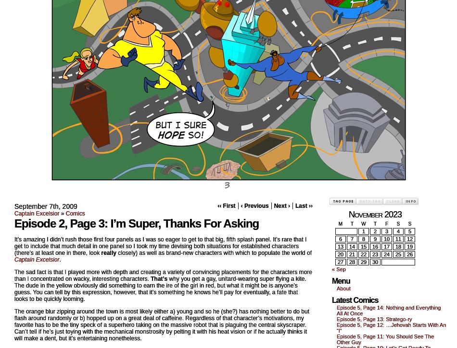  Describe the element at coordinates (162, 275) in the screenshot. I see `'The sad fact is that I played more with depth and creating a variety of convincing placements for the characters more than I concentrated on wacky, interesting characters.'` at that location.